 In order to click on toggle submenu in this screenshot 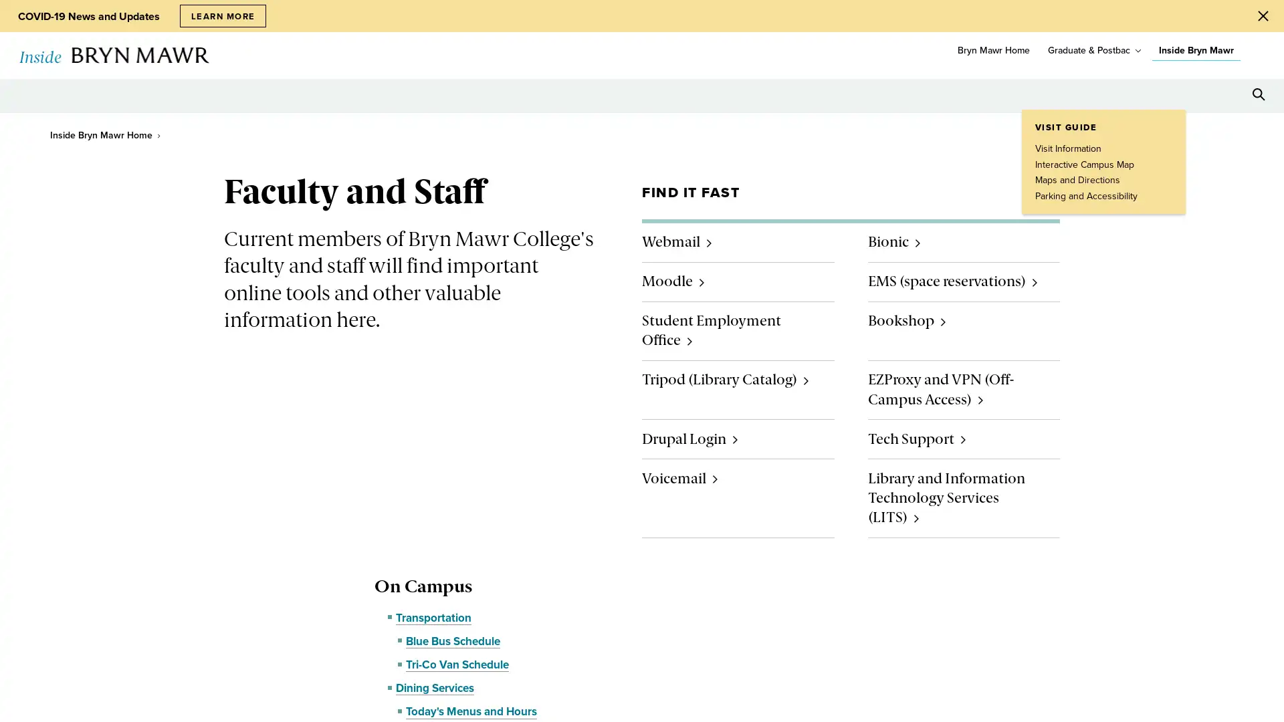, I will do `click(600, 87)`.